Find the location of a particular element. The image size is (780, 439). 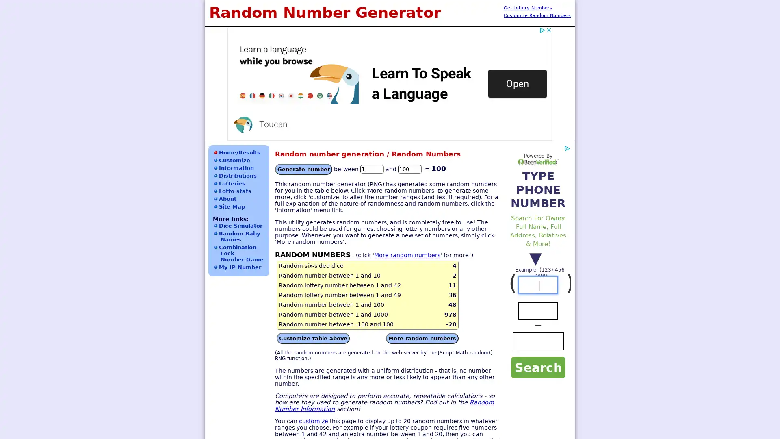

Customize table above is located at coordinates (313, 338).